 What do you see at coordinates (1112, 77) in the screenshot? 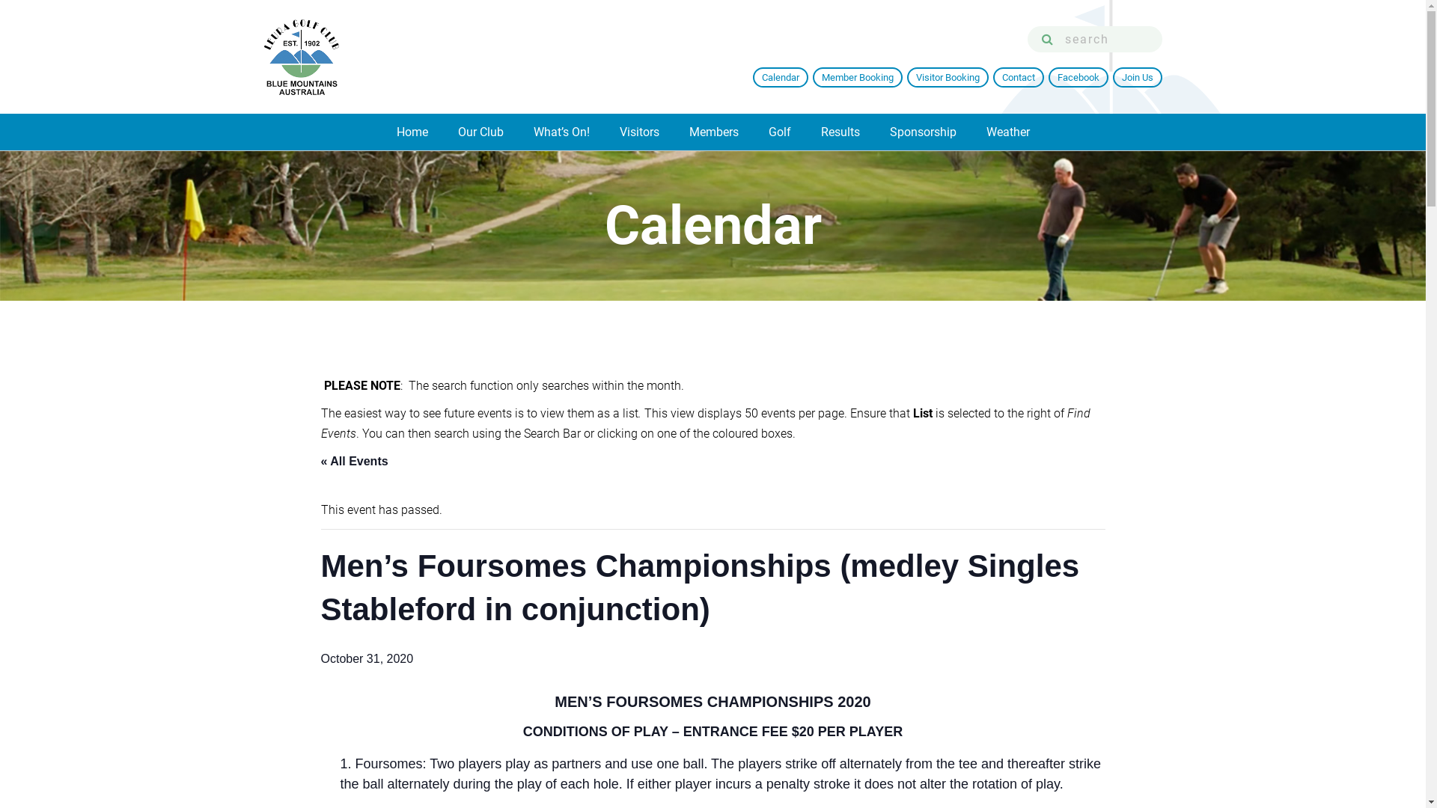
I see `'Join Us'` at bounding box center [1112, 77].